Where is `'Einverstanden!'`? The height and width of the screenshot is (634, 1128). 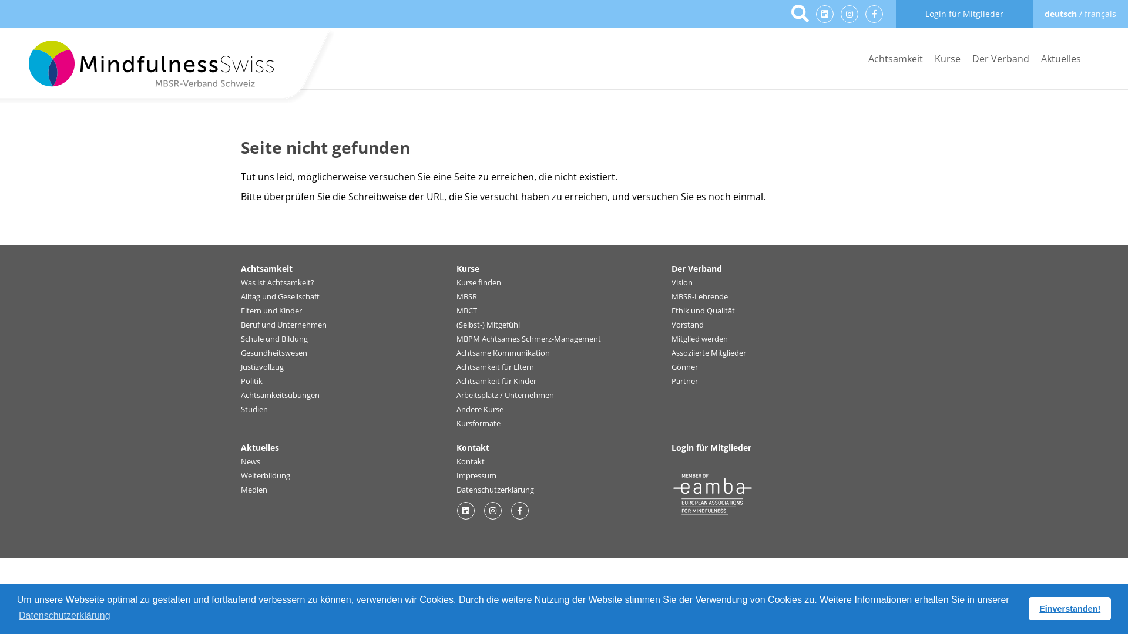 'Einverstanden!' is located at coordinates (1069, 608).